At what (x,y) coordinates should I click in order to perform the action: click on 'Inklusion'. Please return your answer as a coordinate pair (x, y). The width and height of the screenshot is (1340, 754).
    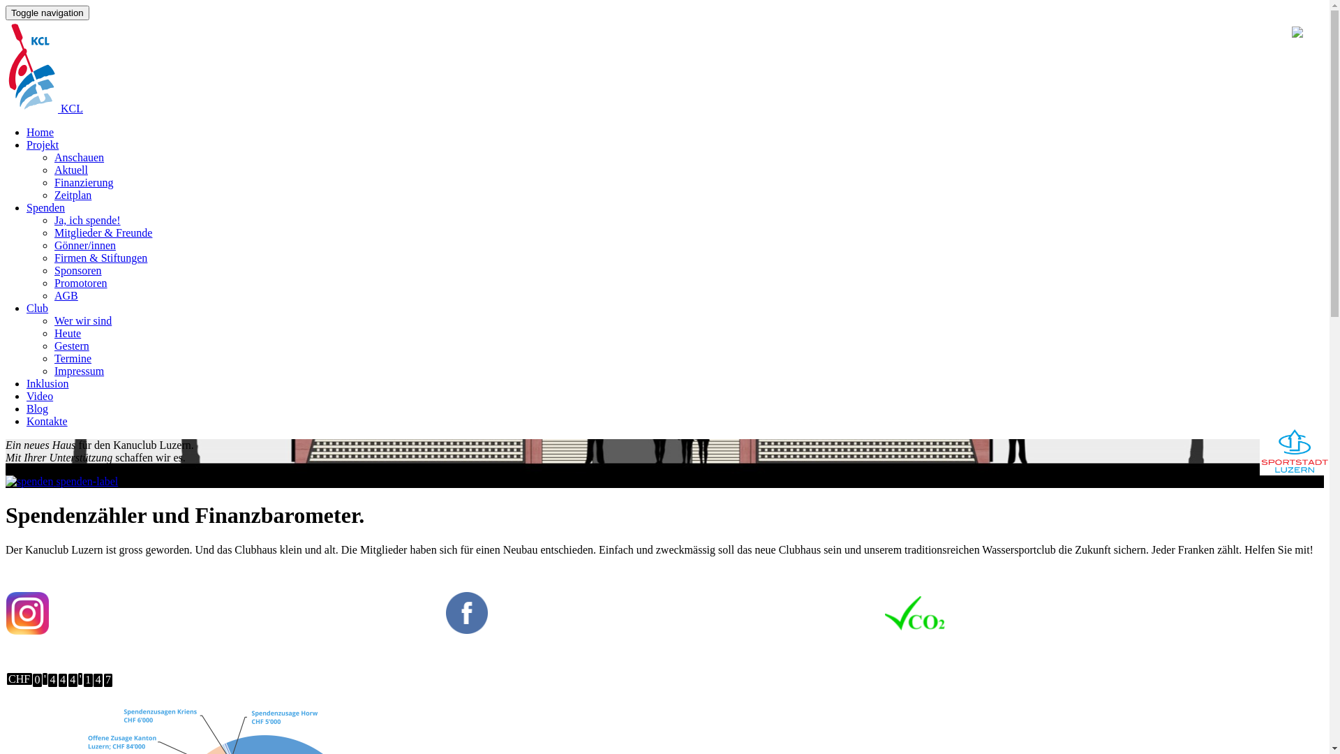
    Looking at the image, I should click on (27, 383).